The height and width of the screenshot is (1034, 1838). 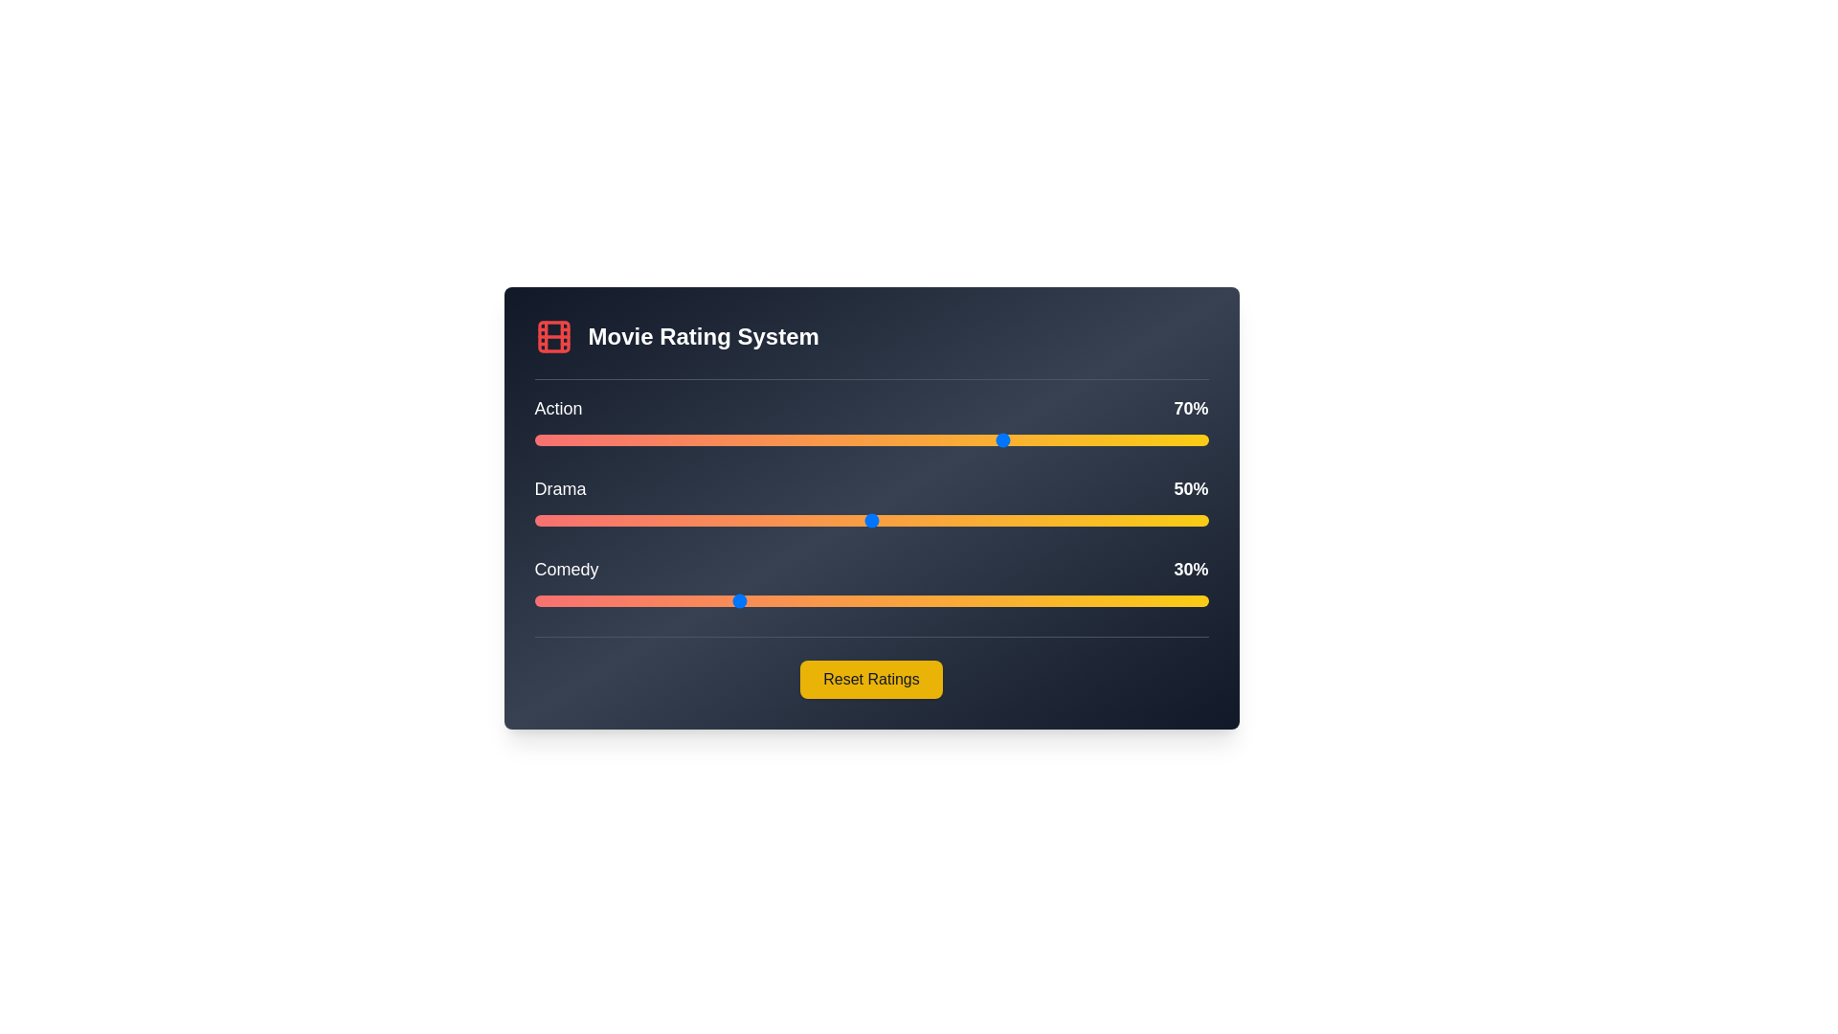 What do you see at coordinates (959, 520) in the screenshot?
I see `the Drama genre rating to 63% by adjusting the slider` at bounding box center [959, 520].